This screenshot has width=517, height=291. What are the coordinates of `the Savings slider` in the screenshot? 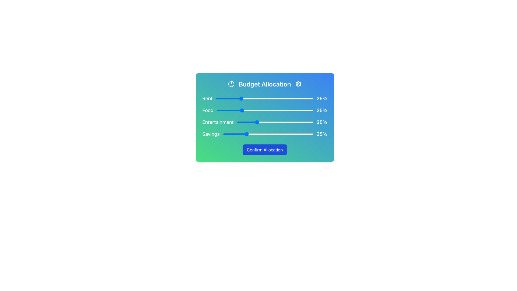 It's located at (229, 134).